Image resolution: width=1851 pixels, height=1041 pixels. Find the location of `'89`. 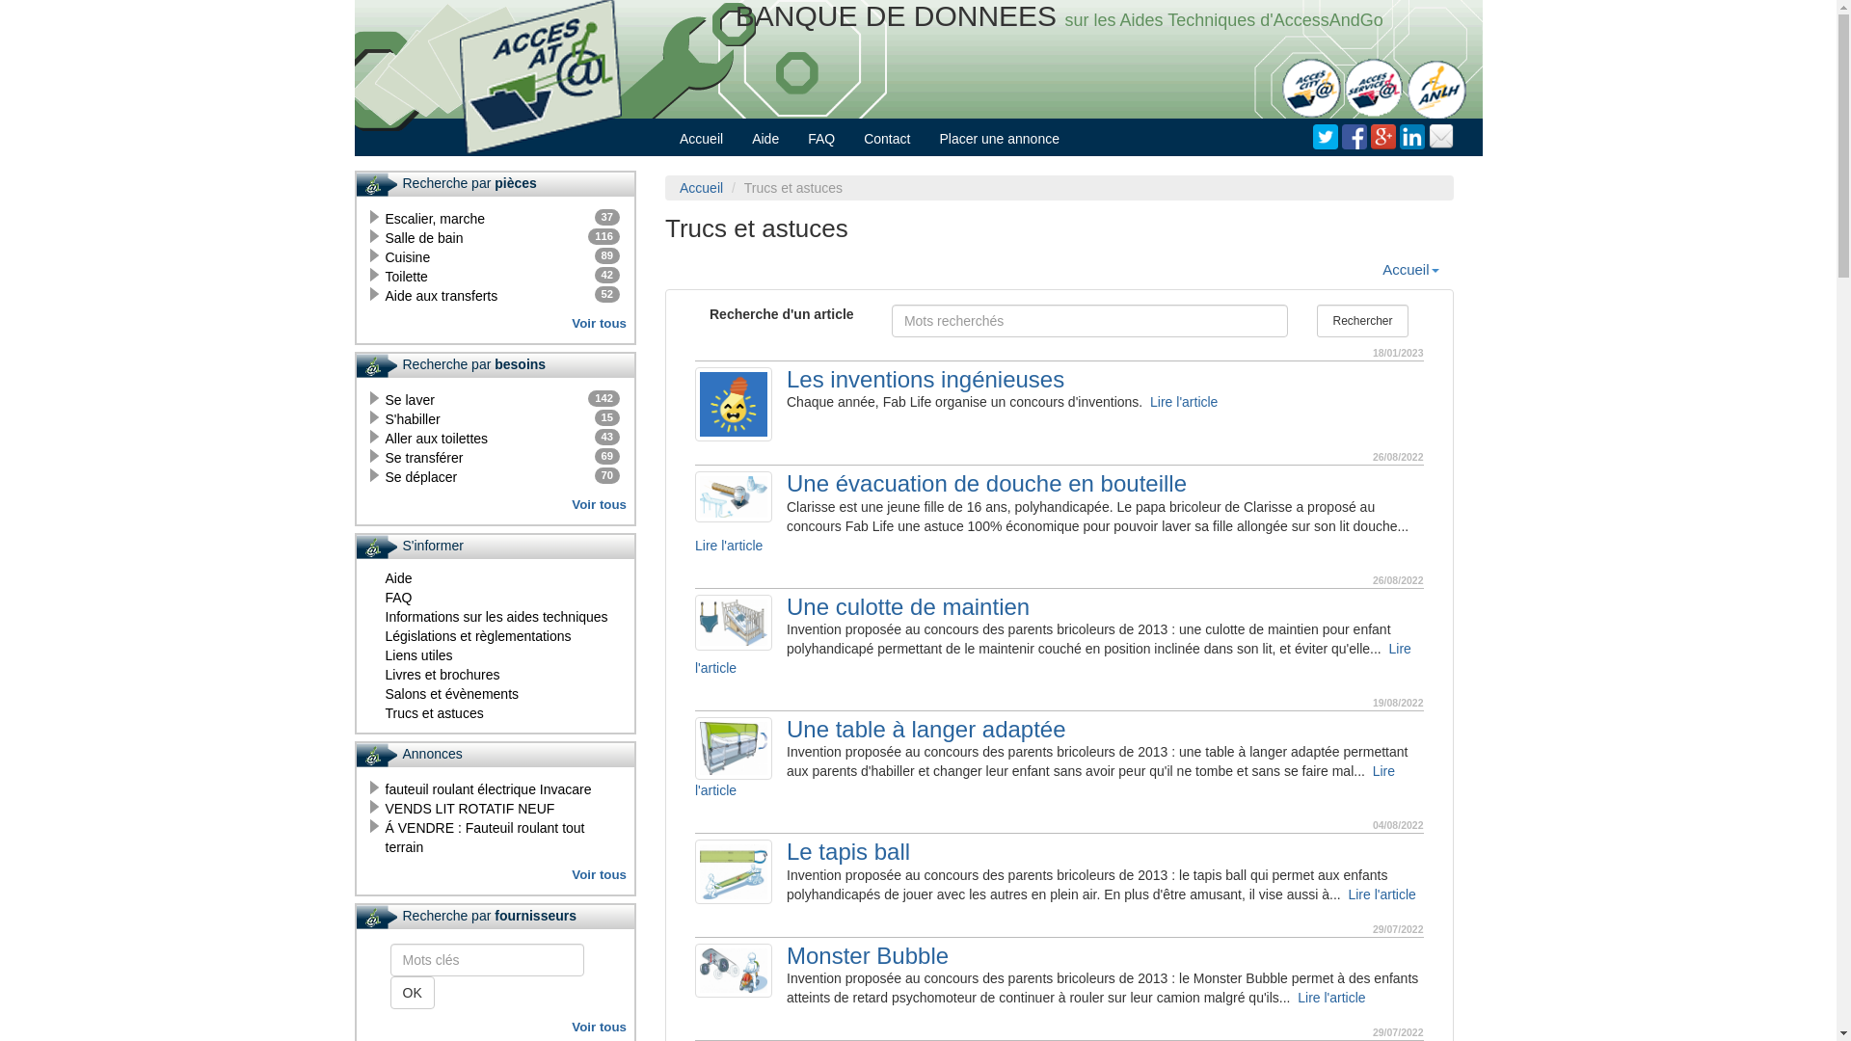

'89 is located at coordinates (407, 255).